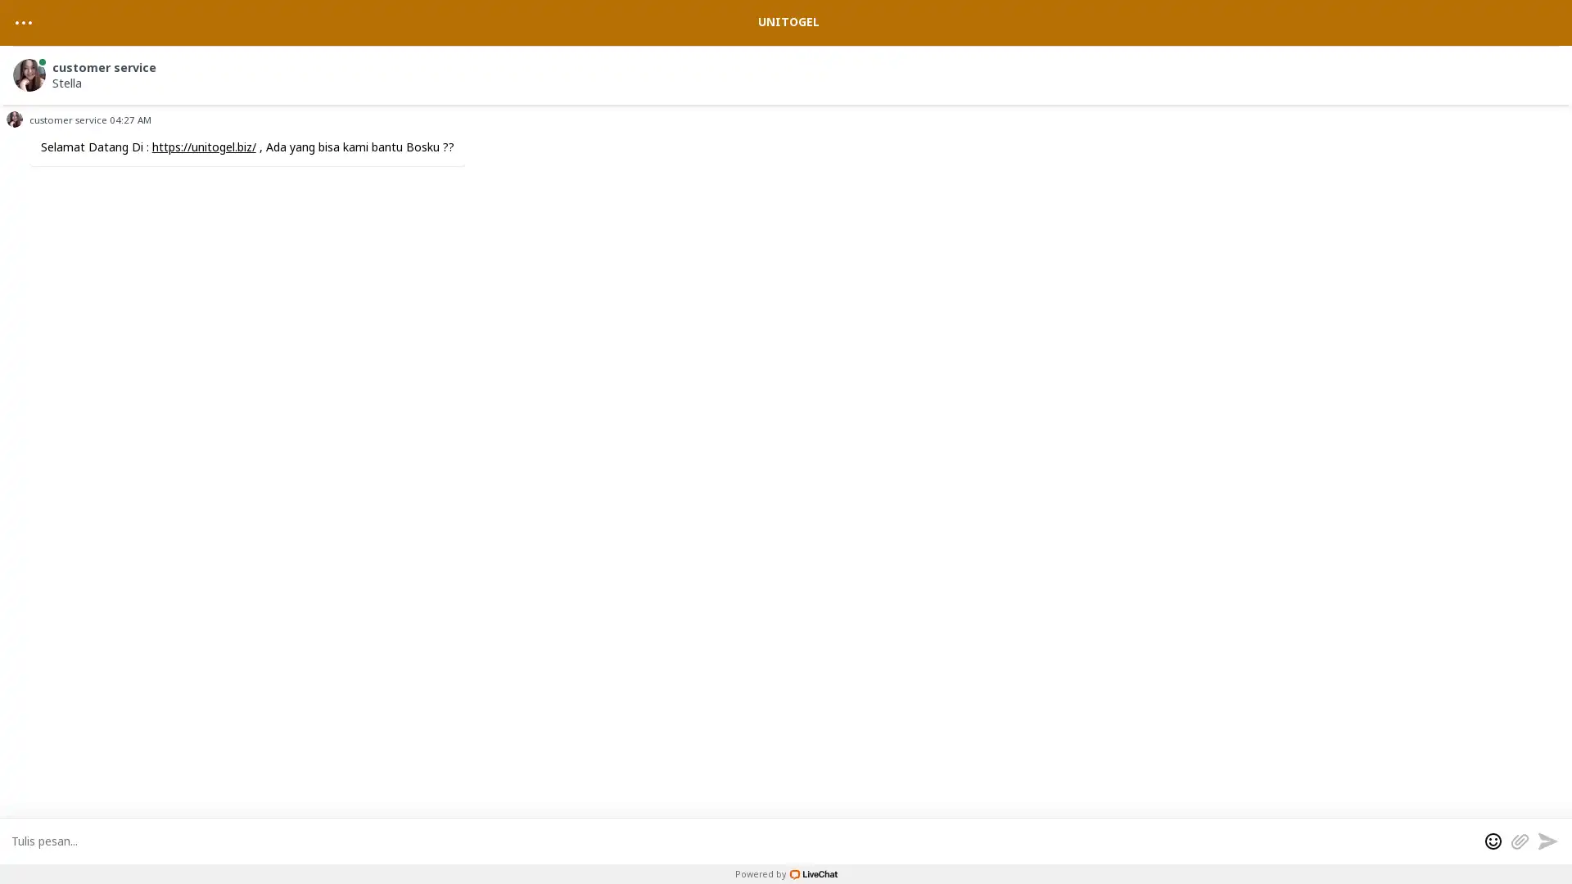  Describe the element at coordinates (1493, 840) in the screenshot. I see `open emoji picker` at that location.